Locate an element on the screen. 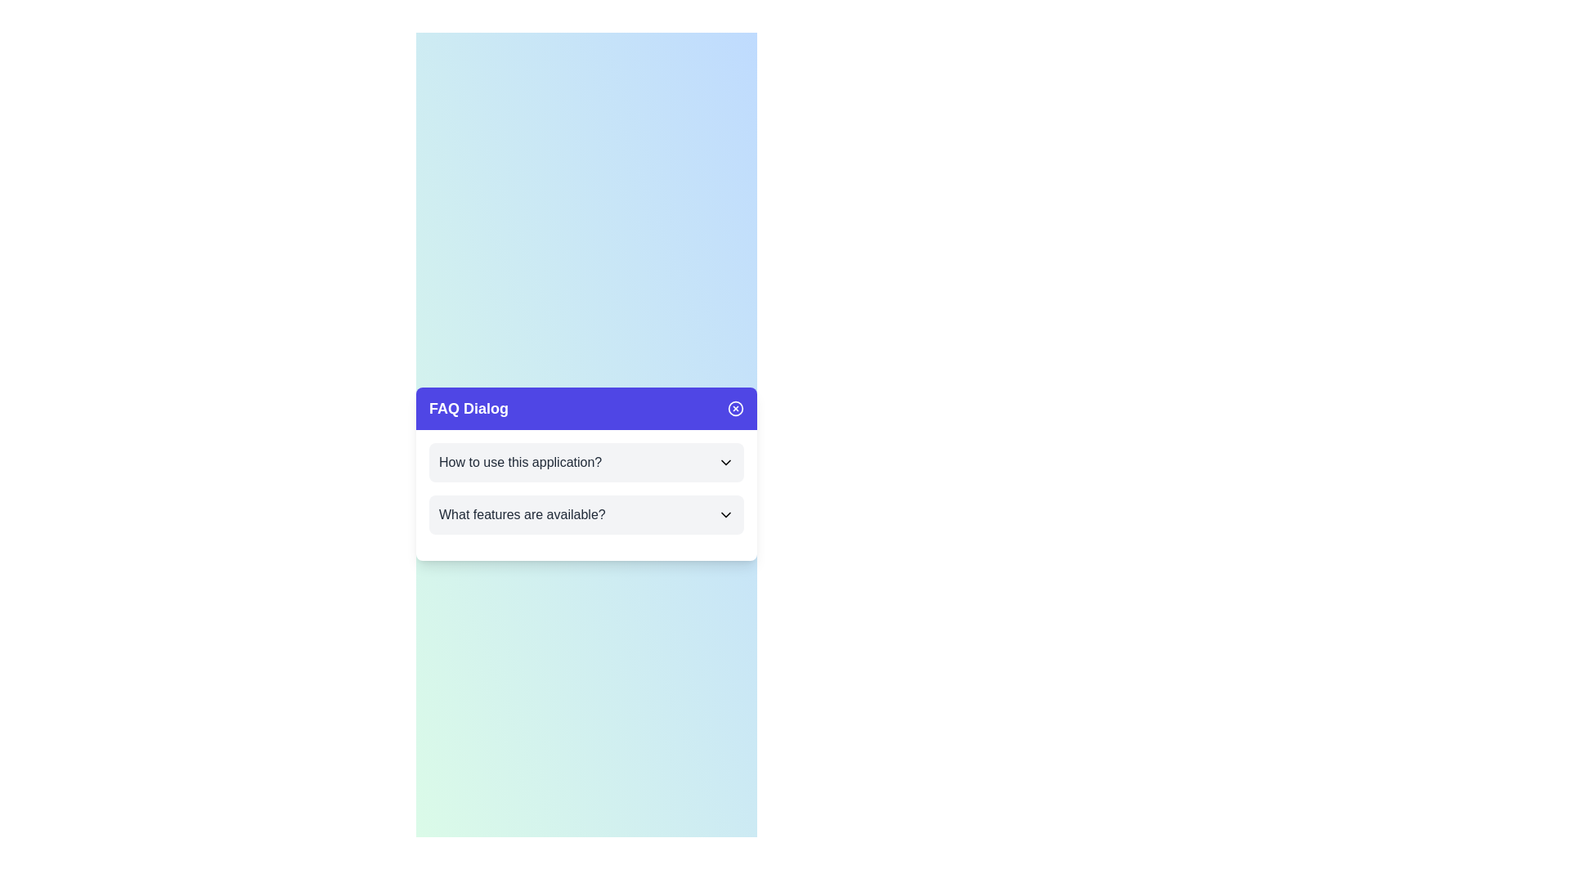 Image resolution: width=1570 pixels, height=883 pixels. the close button in the header of the dialog is located at coordinates (735, 408).